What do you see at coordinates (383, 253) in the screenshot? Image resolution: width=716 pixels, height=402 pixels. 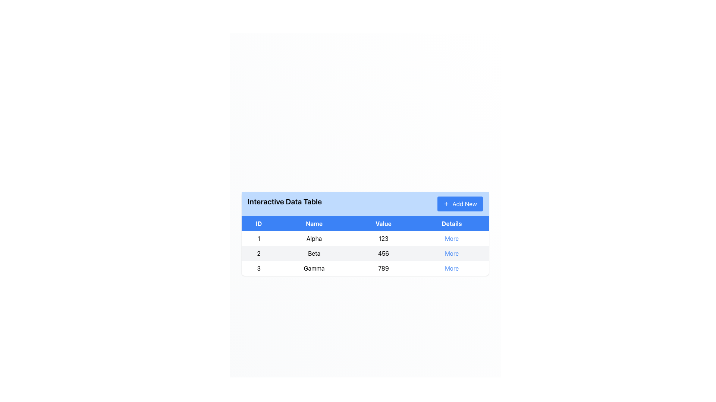 I see `the static text label displaying the numeric value '456' located in the second row and third column of the table labeled 'Value'` at bounding box center [383, 253].